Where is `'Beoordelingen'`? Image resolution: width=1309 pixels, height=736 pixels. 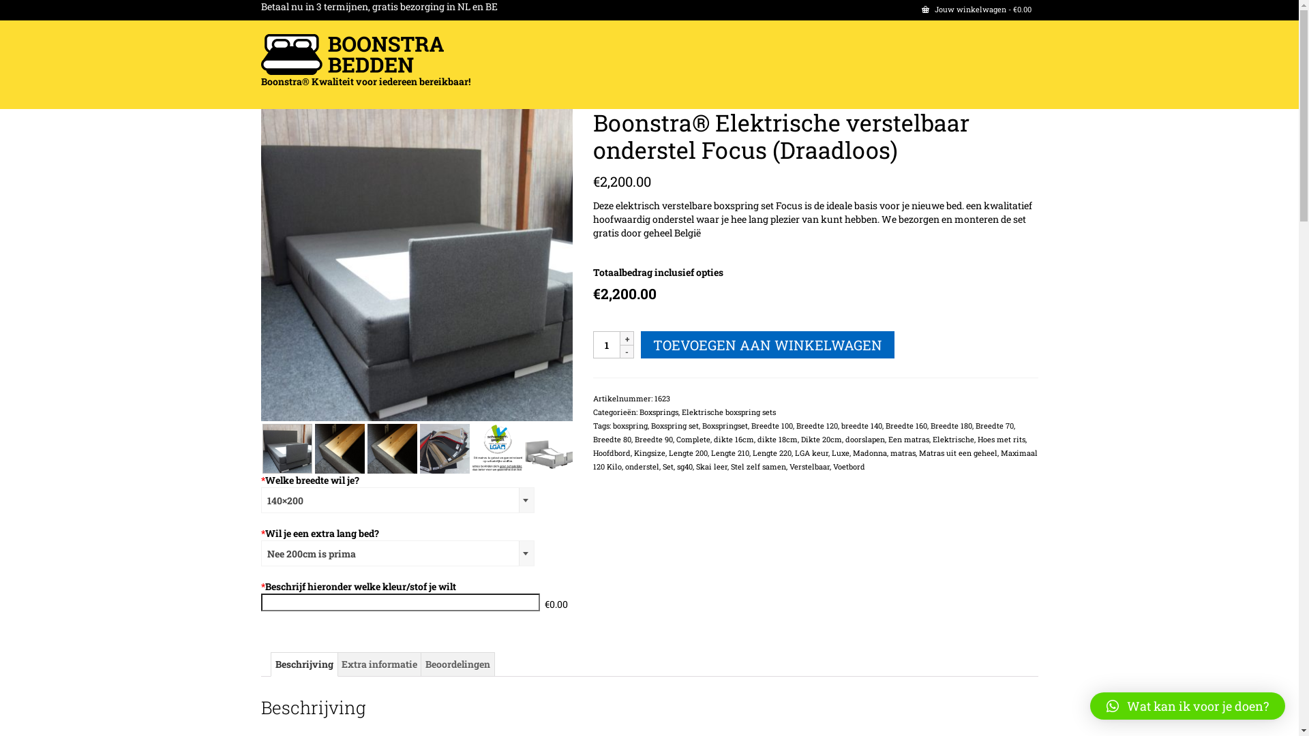 'Beoordelingen' is located at coordinates (457, 664).